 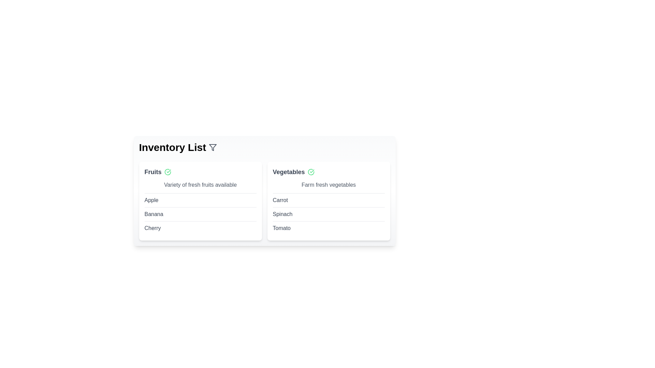 I want to click on the item Tomato in the inventory, so click(x=281, y=228).